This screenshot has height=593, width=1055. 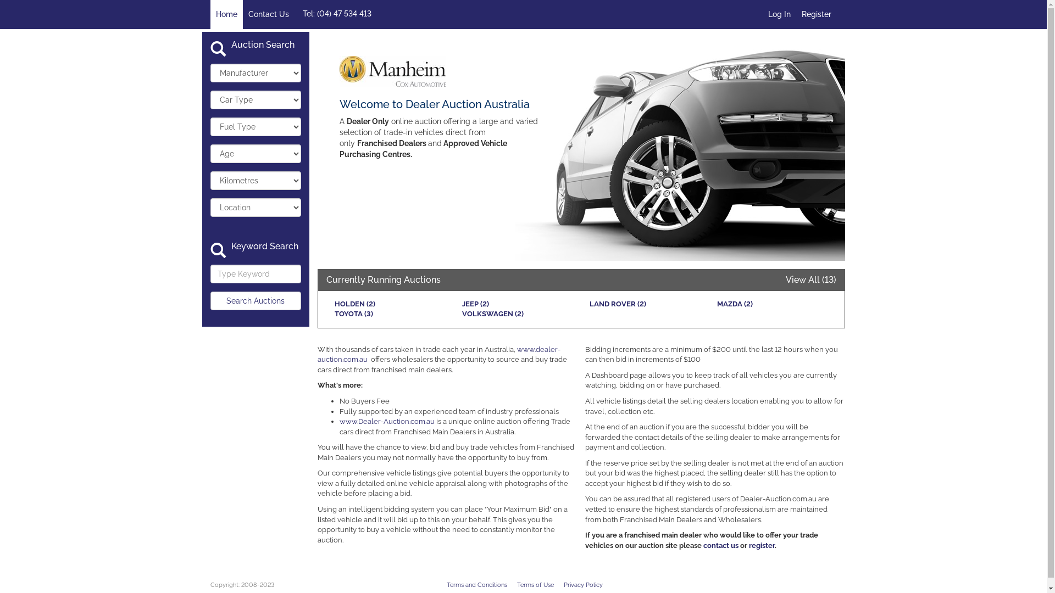 I want to click on 'Contact Us', so click(x=269, y=14).